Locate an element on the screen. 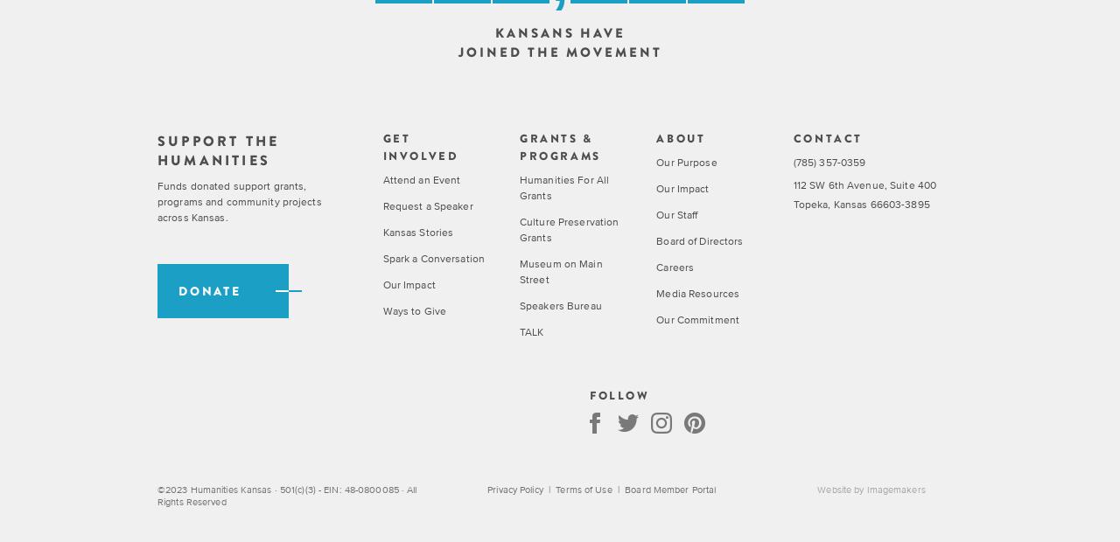 Image resolution: width=1120 pixels, height=542 pixels. 'Careers' is located at coordinates (674, 266).